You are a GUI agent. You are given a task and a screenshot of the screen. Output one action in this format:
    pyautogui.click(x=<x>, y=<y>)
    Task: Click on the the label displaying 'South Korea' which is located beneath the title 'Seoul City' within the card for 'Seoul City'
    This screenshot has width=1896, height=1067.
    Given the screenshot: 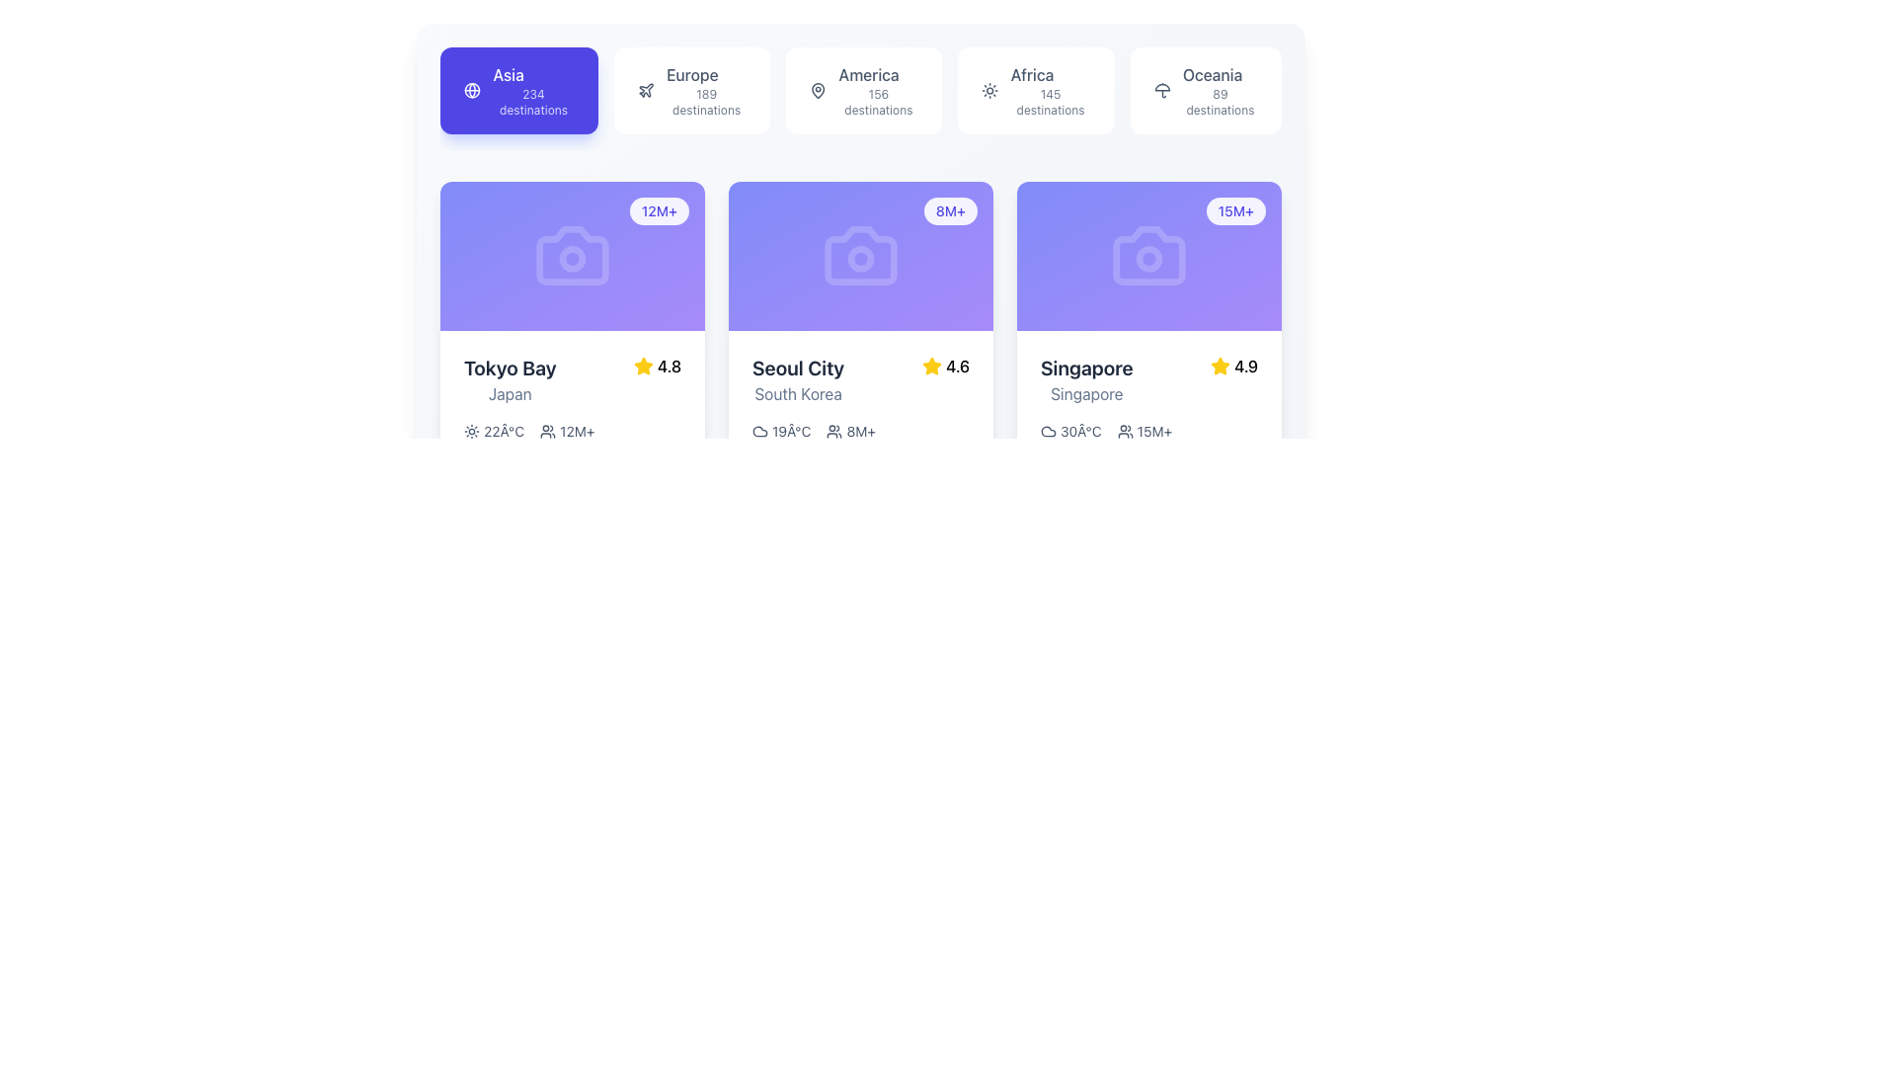 What is the action you would take?
    pyautogui.click(x=798, y=393)
    